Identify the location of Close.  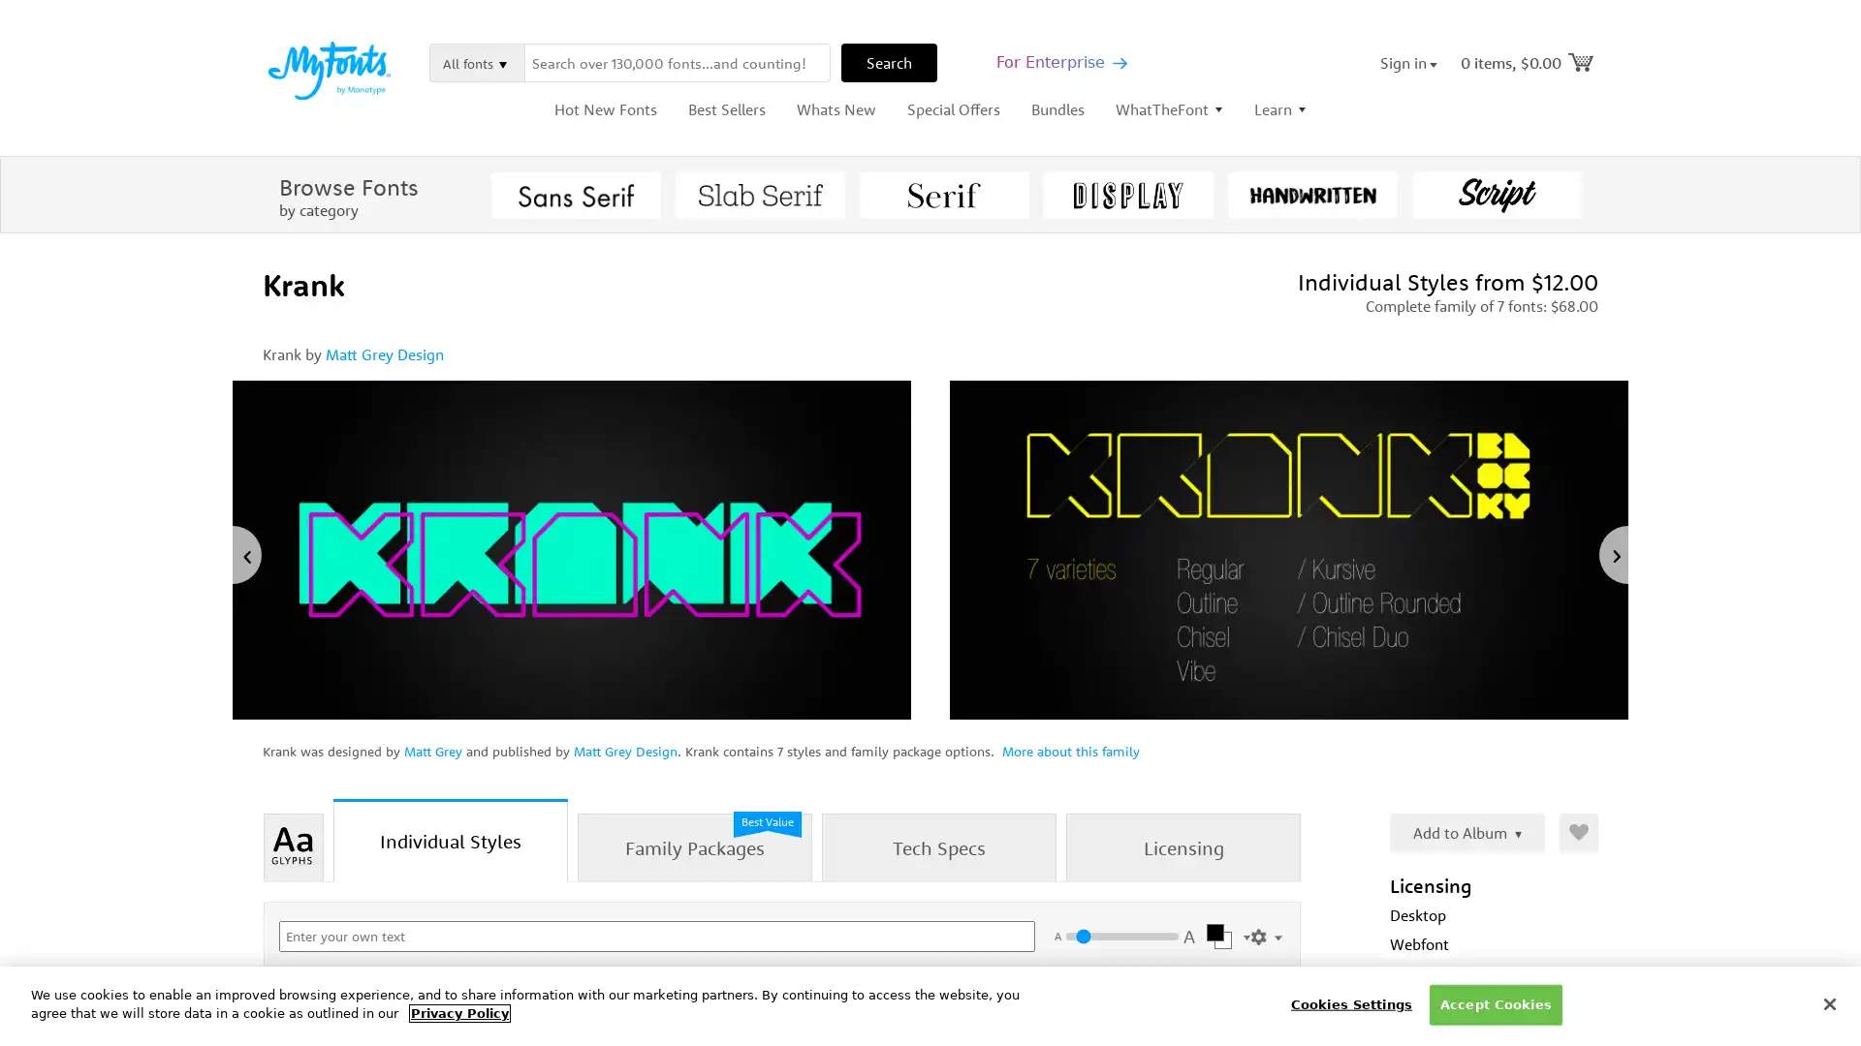
(1828, 1002).